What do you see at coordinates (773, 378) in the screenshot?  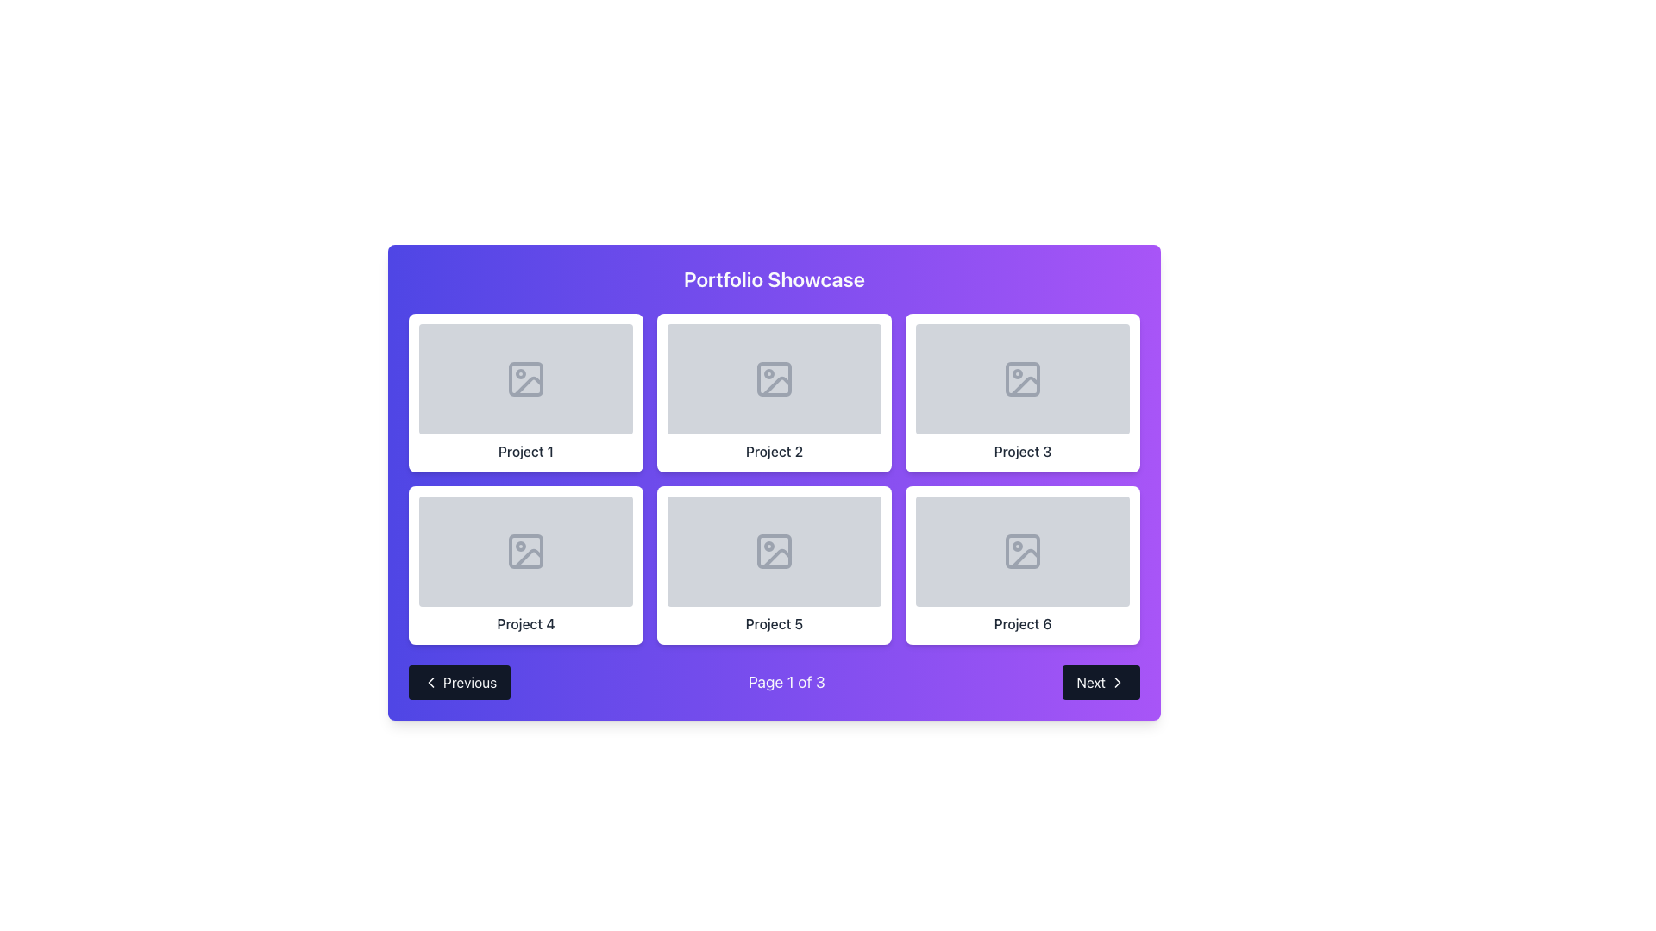 I see `the icon in the second column of the first row within the 'Portfolio Showcase' grid, which consists of a small circle and a diagonal line in gray, located inside a rounded rectangle` at bounding box center [773, 378].